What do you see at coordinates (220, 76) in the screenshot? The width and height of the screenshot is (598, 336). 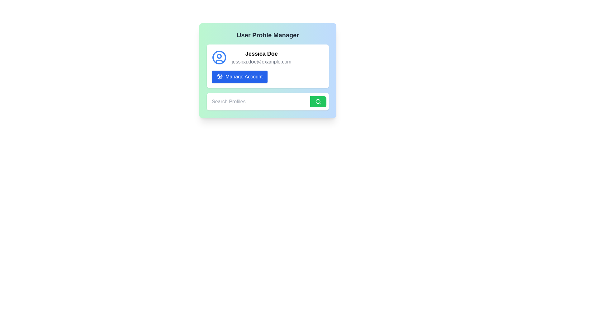 I see `circular shape at the center of the cog icon under 'User Profile Manager' in the upper section of the interface card` at bounding box center [220, 76].